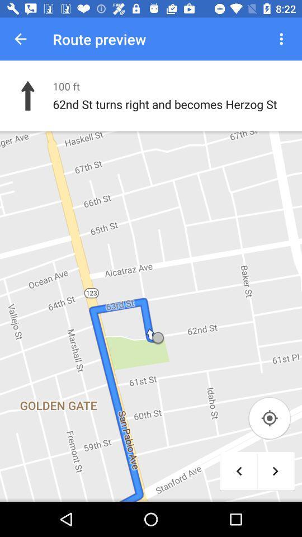  What do you see at coordinates (238, 470) in the screenshot?
I see `the arrow_backward icon` at bounding box center [238, 470].